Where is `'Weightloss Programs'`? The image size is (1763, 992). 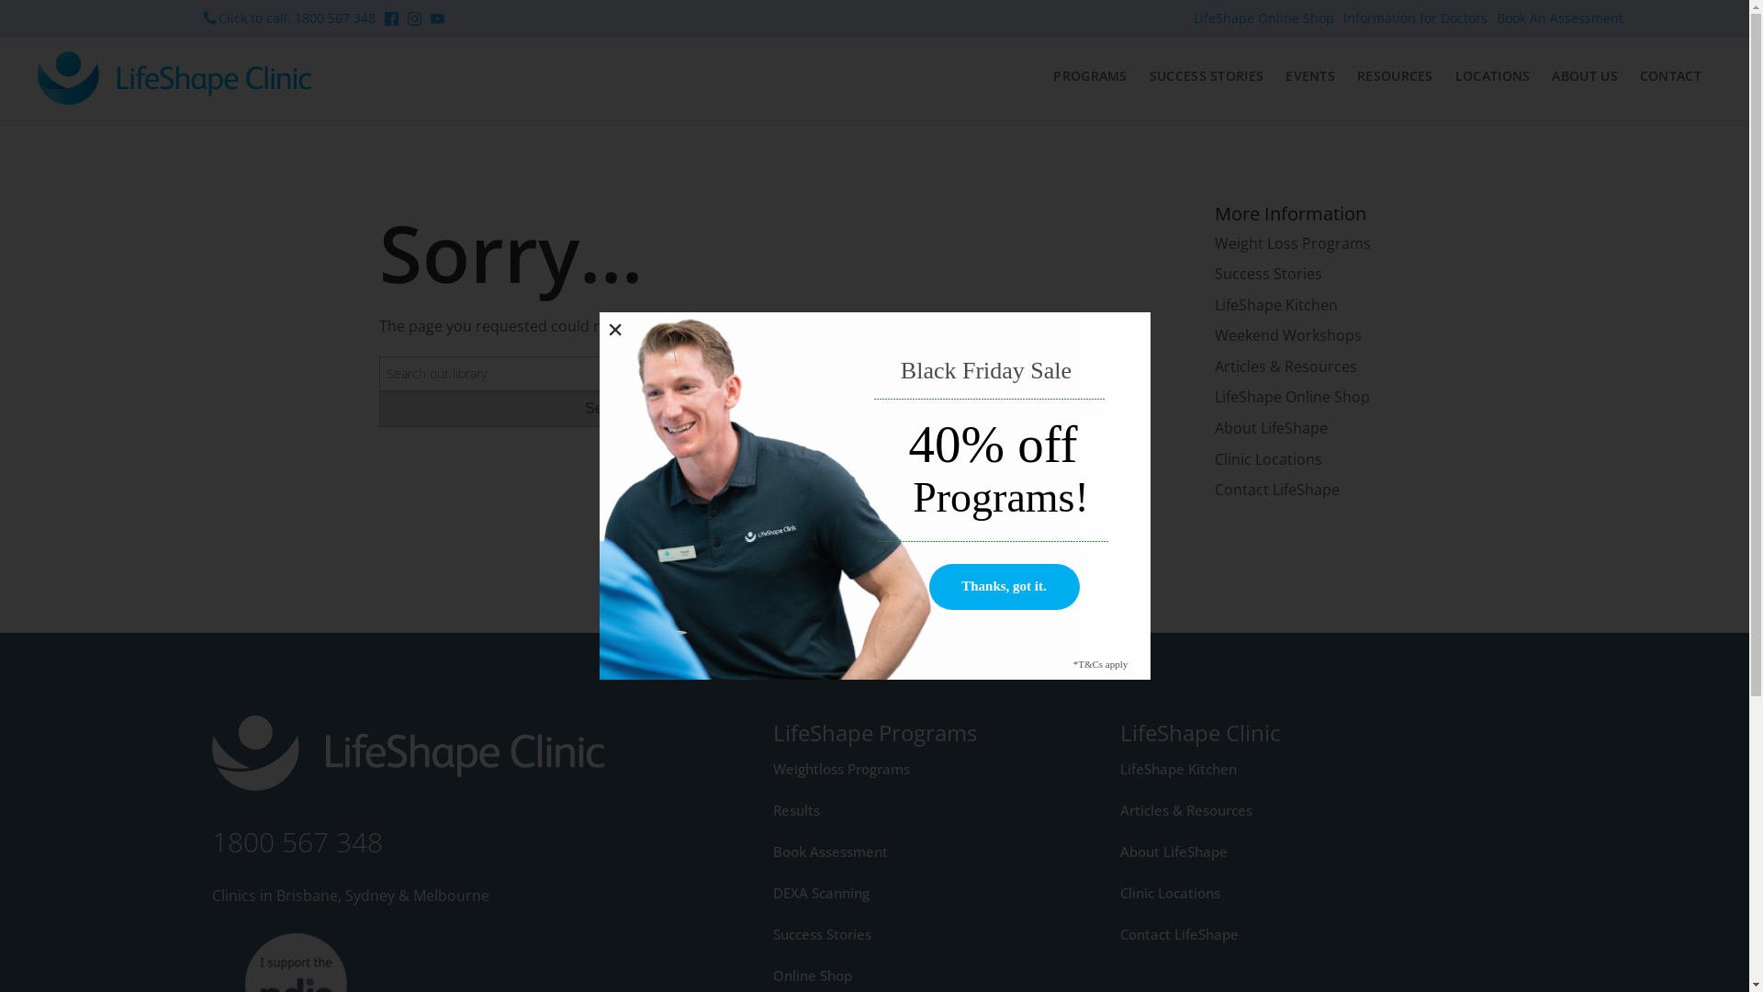
'Weightloss Programs' is located at coordinates (863, 769).